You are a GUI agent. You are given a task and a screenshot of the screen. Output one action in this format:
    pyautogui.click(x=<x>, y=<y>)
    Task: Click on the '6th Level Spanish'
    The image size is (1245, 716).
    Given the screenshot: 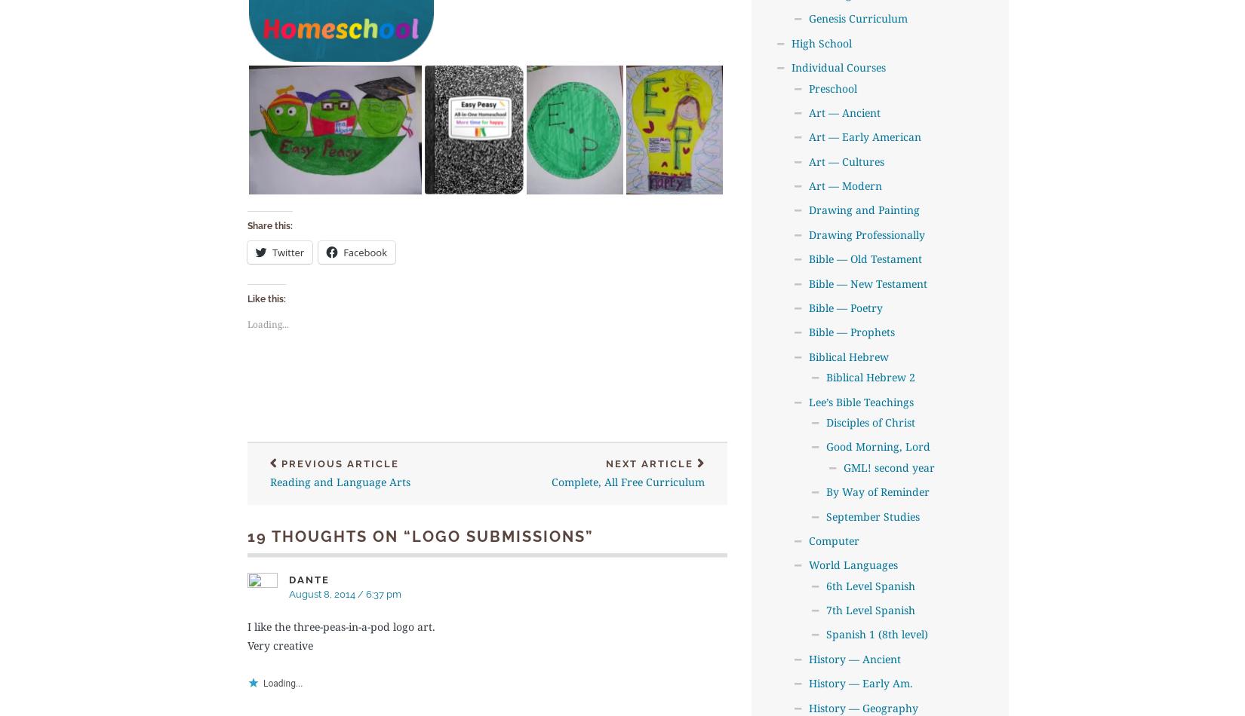 What is the action you would take?
    pyautogui.click(x=870, y=584)
    